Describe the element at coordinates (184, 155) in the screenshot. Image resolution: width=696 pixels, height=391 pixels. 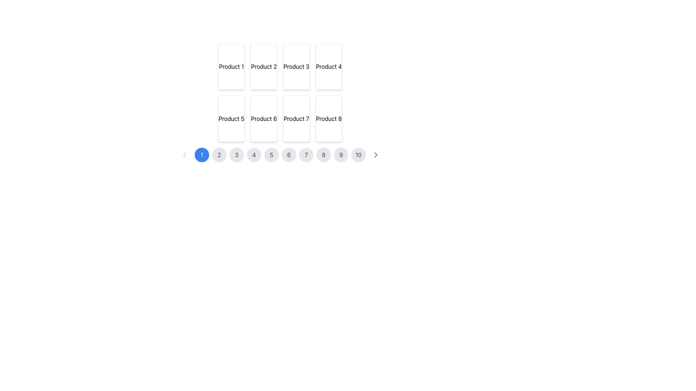
I see `the navigation button with a chevron on the left side of the pagination area` at that location.